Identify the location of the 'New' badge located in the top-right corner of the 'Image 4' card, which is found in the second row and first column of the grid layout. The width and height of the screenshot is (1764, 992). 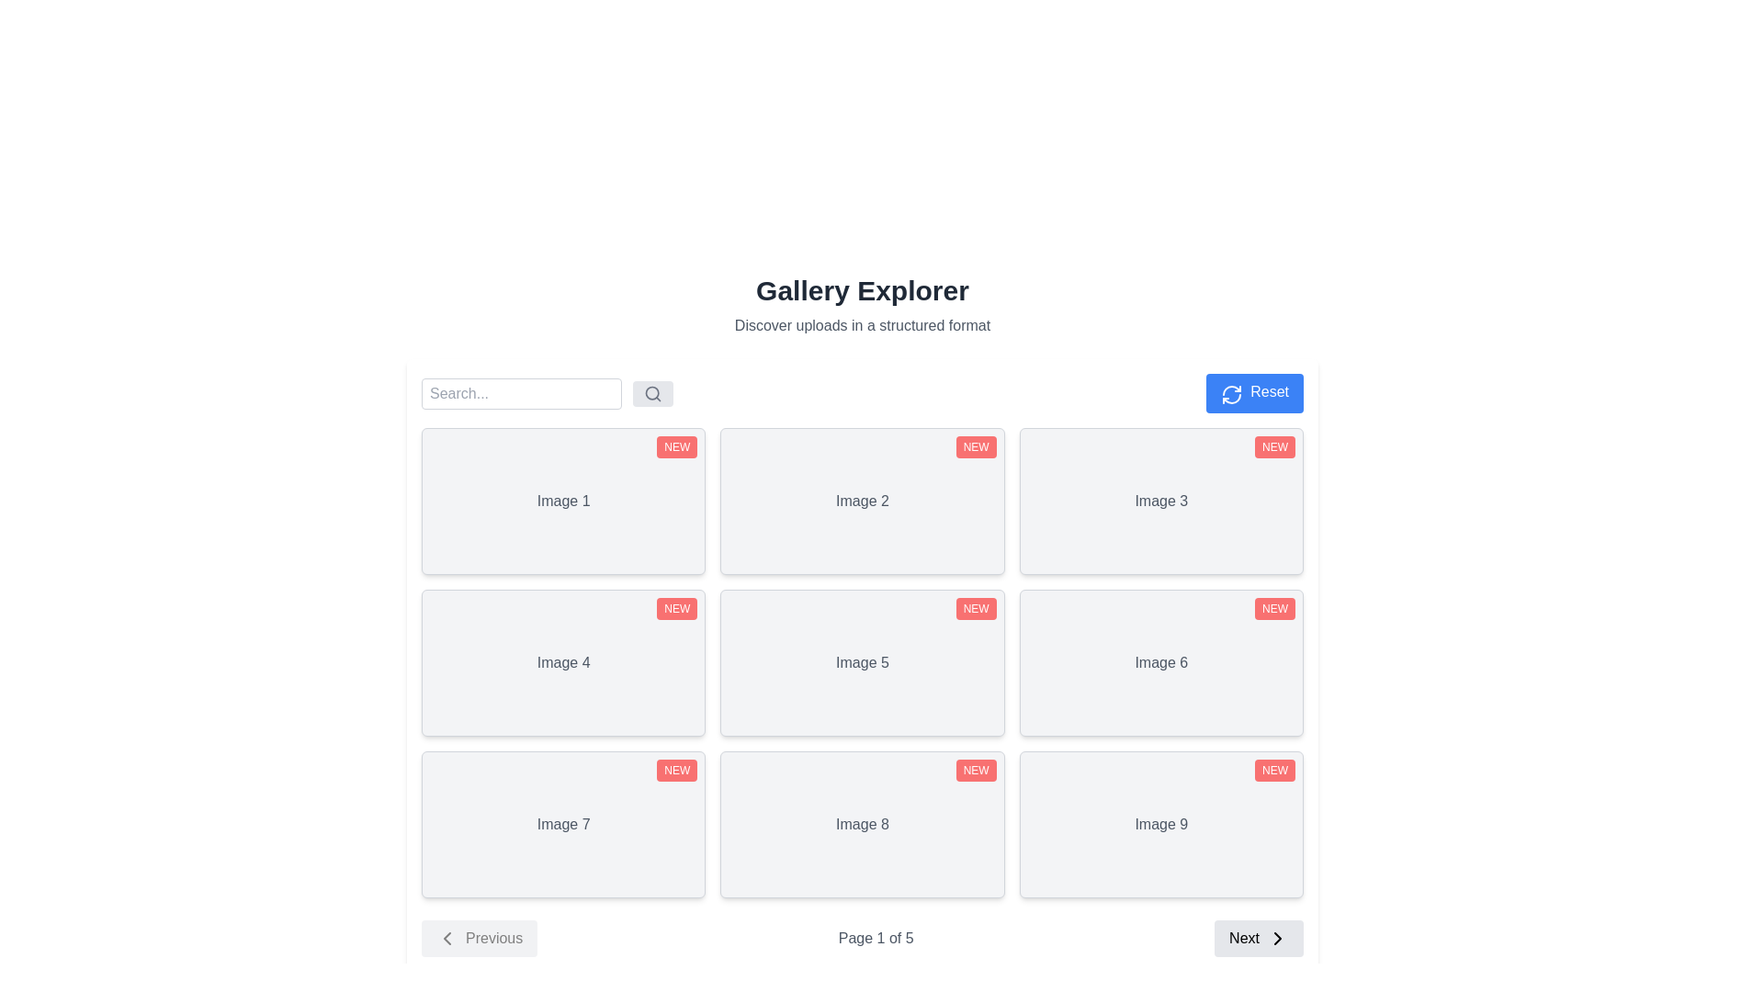
(676, 609).